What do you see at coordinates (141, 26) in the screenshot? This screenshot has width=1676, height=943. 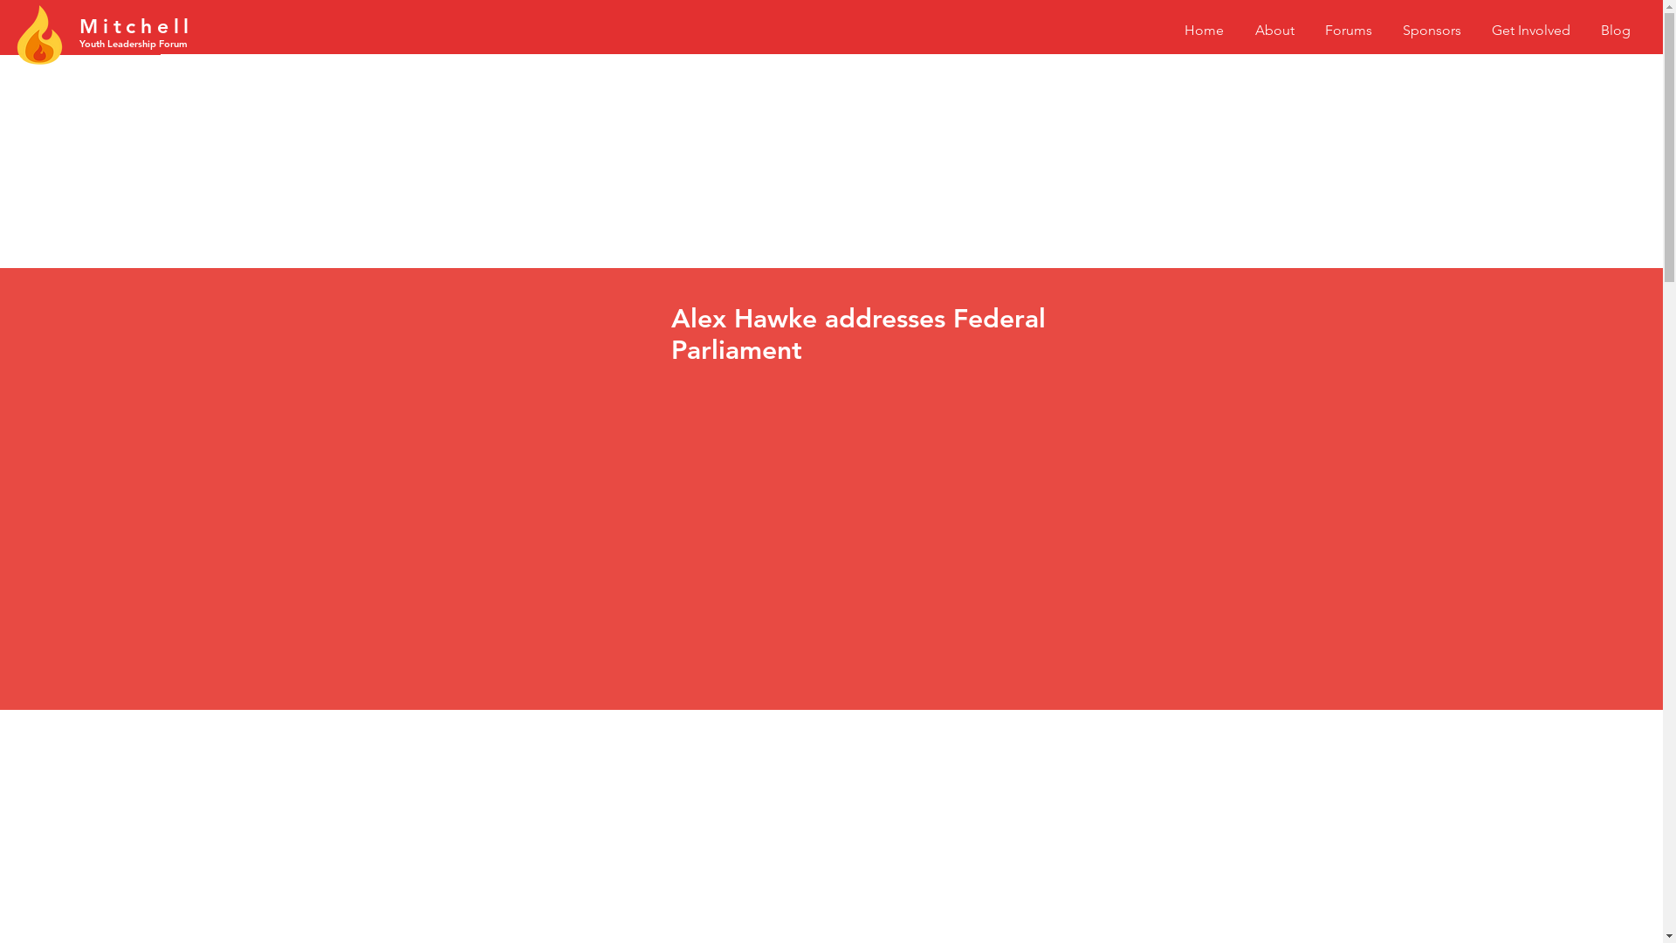 I see `'hell'` at bounding box center [141, 26].